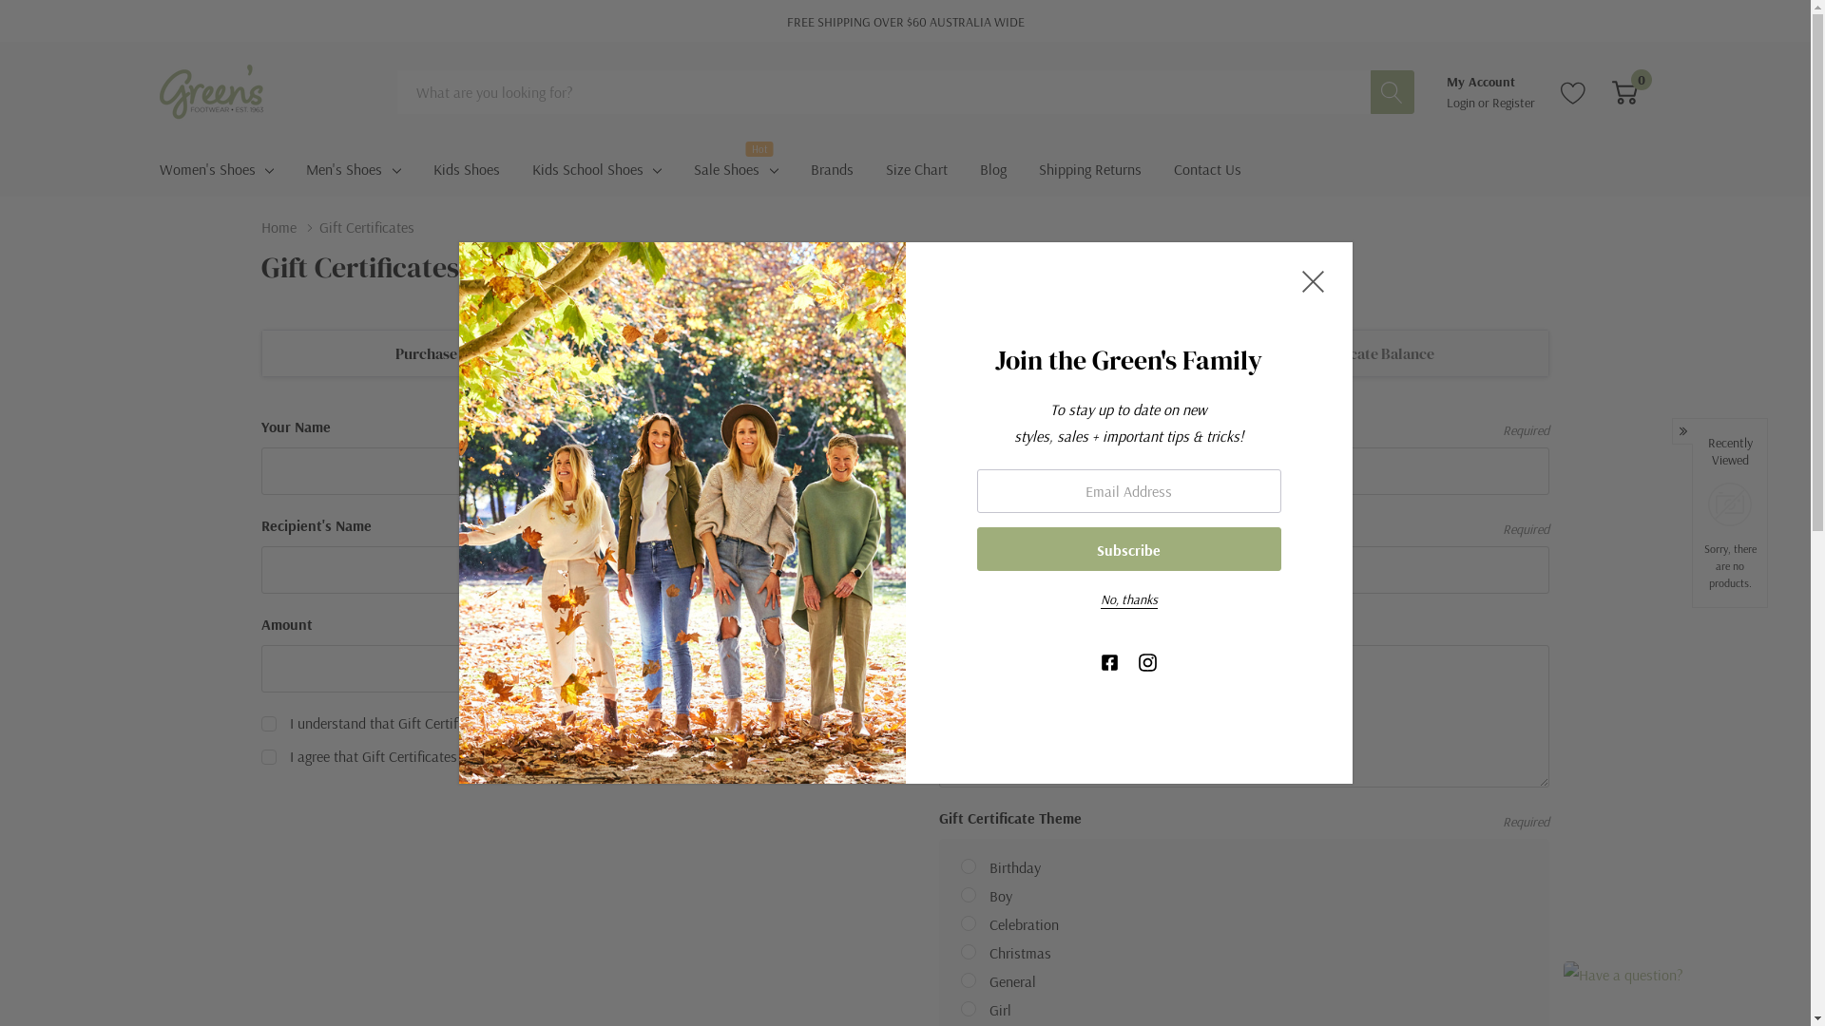  Describe the element at coordinates (832, 167) in the screenshot. I see `'Brands'` at that location.